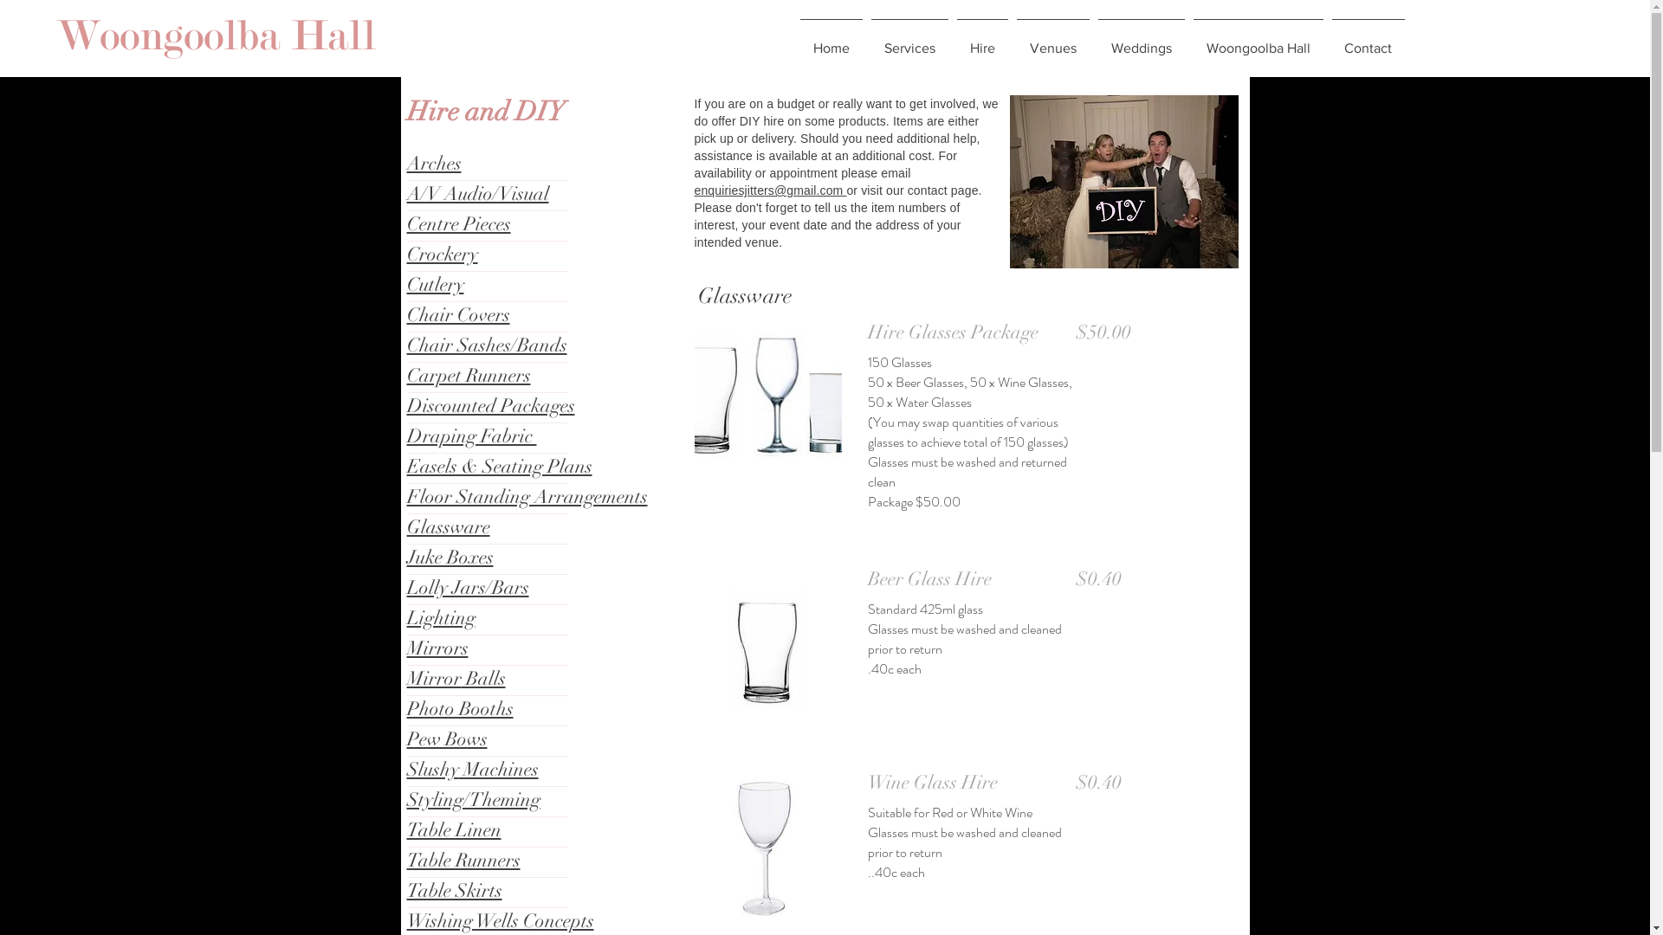  I want to click on 'Juke Boxes', so click(450, 557).